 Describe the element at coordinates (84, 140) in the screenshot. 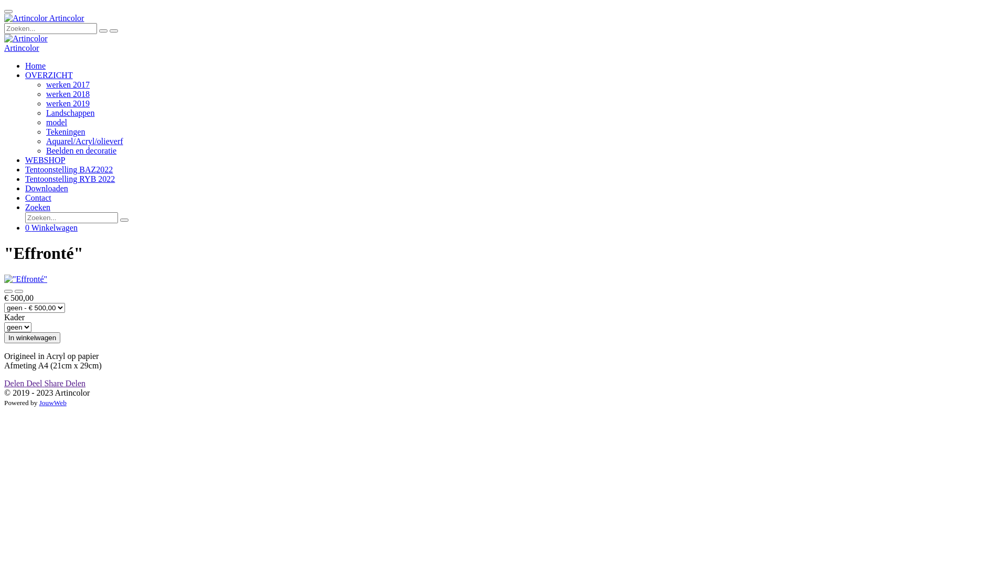

I see `'Aquarel/Acryl/olieverf'` at that location.